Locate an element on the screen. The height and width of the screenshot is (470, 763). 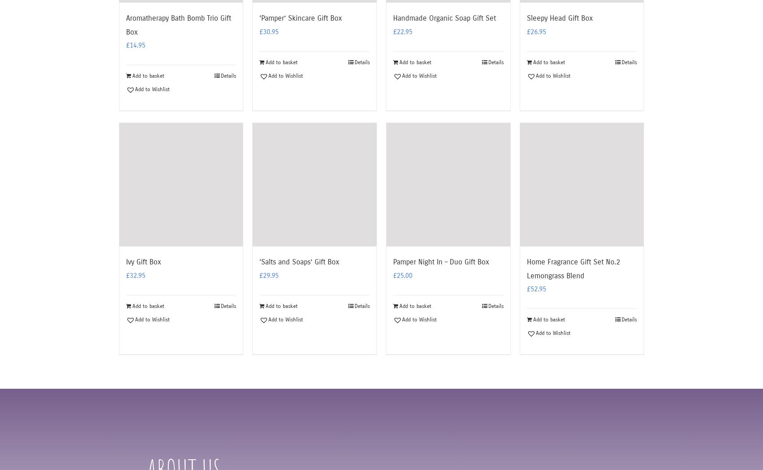
'29.95' is located at coordinates (270, 275).